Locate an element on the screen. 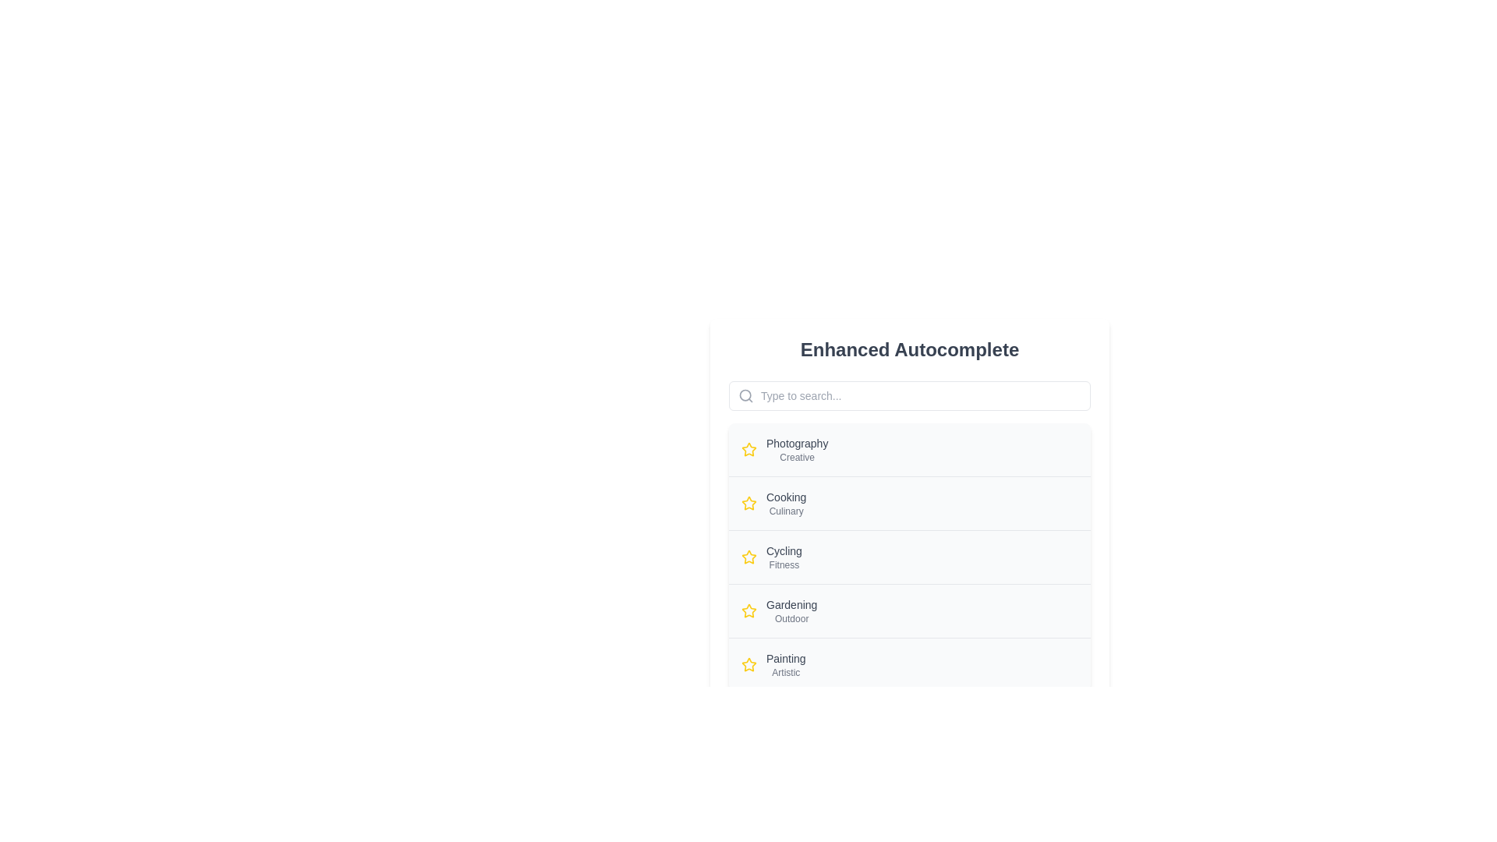  the search icon located at the top-left corner of the search input field, which signifies the search functionality adjacent to the placeholder text 'Type to search...' is located at coordinates (745, 395).